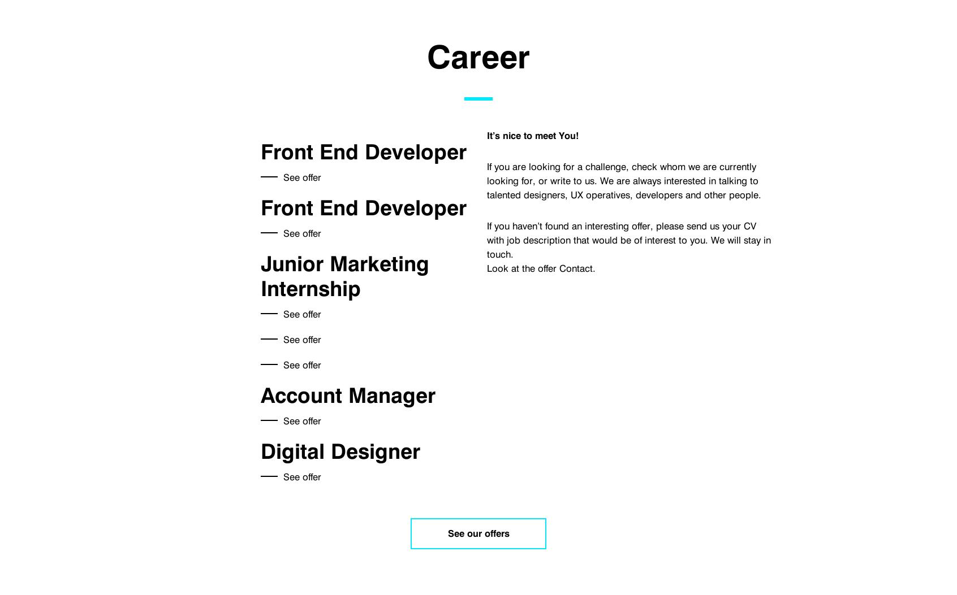 The height and width of the screenshot is (595, 957). I want to click on 'Career', so click(478, 57).